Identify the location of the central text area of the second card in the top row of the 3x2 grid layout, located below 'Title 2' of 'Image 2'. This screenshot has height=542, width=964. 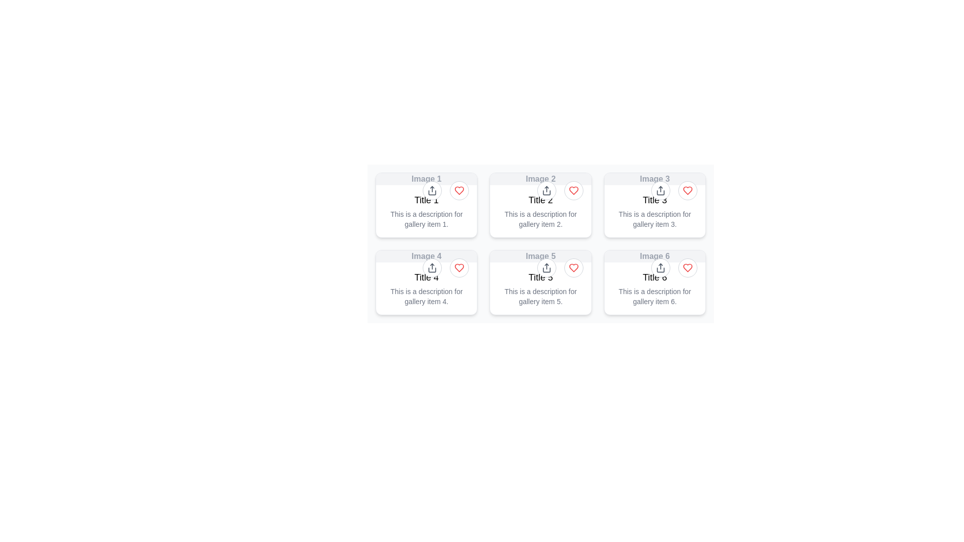
(540, 210).